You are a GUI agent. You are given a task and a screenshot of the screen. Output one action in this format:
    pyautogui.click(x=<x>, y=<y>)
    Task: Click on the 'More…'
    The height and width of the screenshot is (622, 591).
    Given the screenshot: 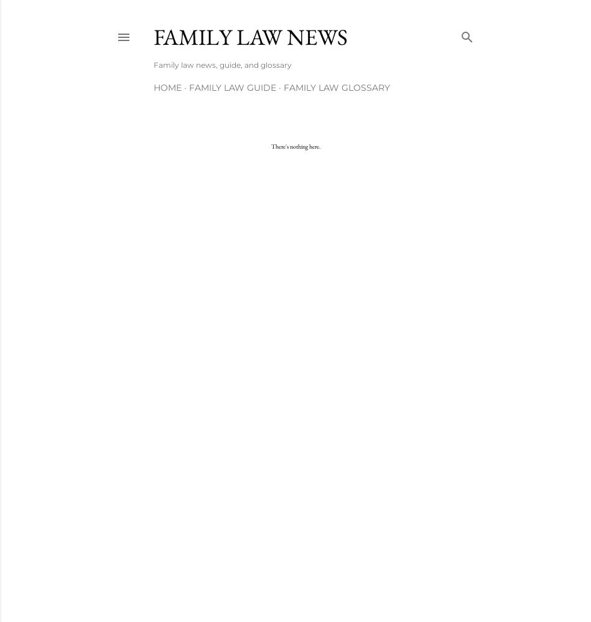 What is the action you would take?
    pyautogui.click(x=153, y=122)
    